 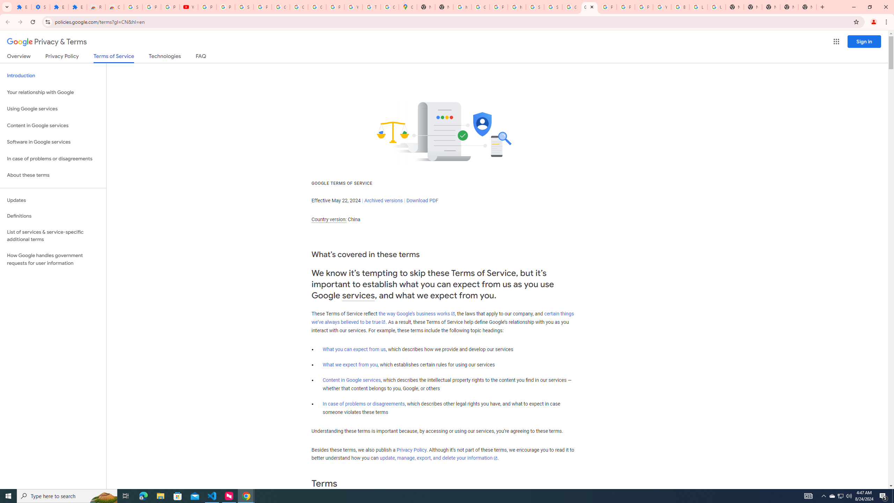 What do you see at coordinates (771, 7) in the screenshot?
I see `'New Tab'` at bounding box center [771, 7].